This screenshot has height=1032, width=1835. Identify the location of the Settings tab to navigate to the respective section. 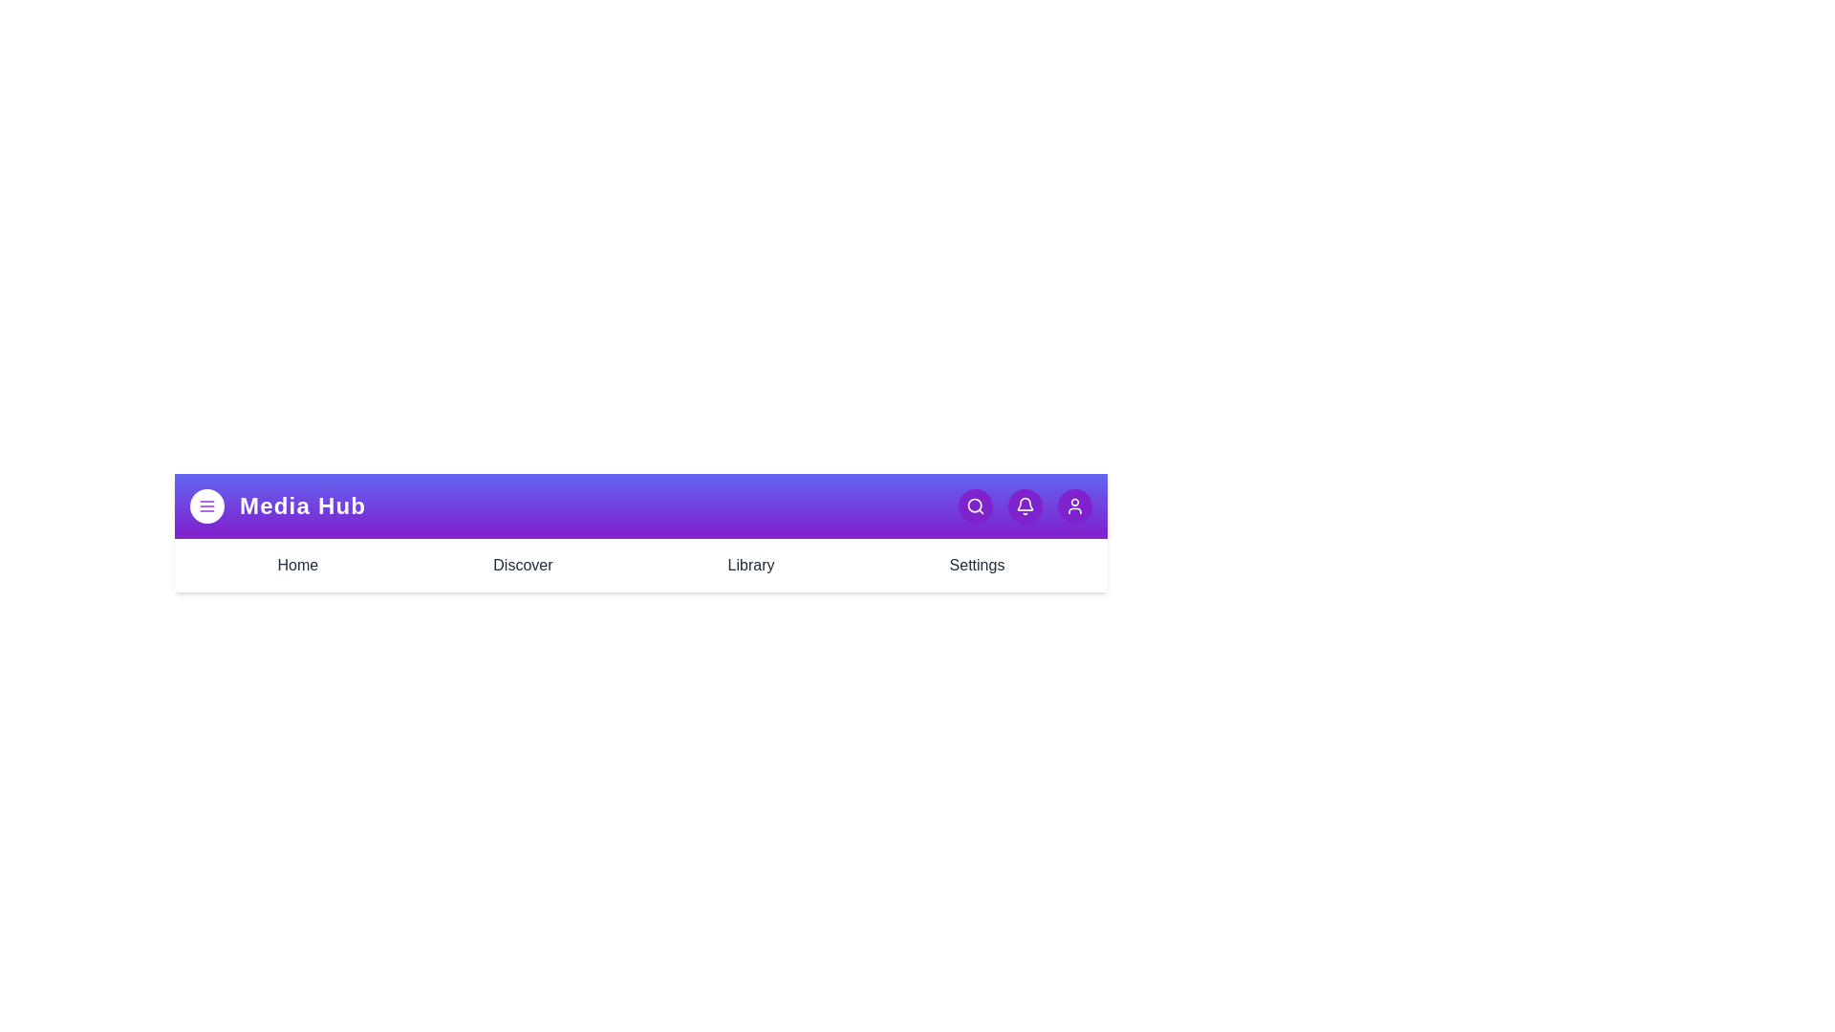
(977, 564).